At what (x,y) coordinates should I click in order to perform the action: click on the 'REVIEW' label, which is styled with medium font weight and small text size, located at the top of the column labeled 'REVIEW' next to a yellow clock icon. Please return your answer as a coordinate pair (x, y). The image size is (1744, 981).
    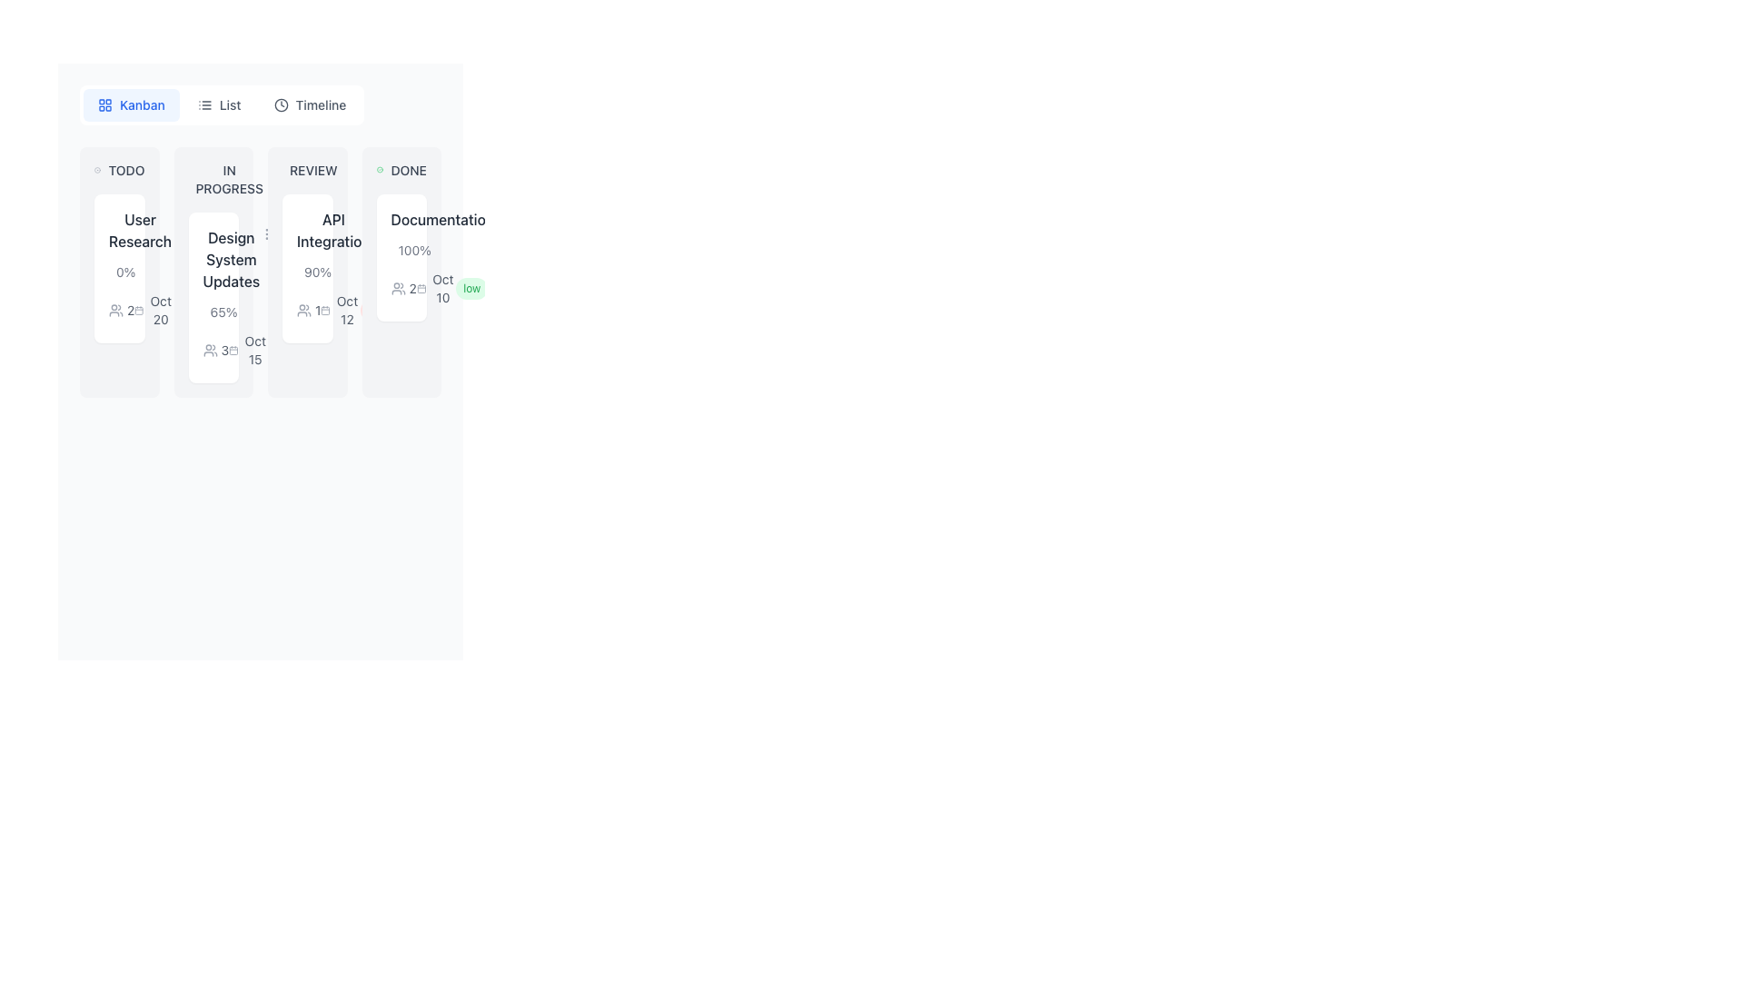
    Looking at the image, I should click on (307, 171).